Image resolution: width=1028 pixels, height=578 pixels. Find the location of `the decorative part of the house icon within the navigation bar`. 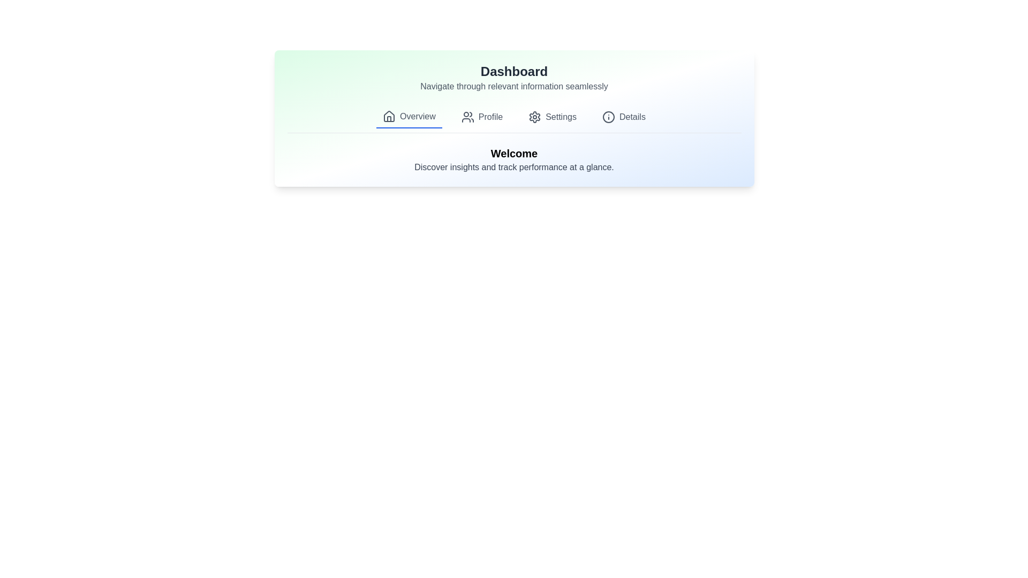

the decorative part of the house icon within the navigation bar is located at coordinates (389, 119).